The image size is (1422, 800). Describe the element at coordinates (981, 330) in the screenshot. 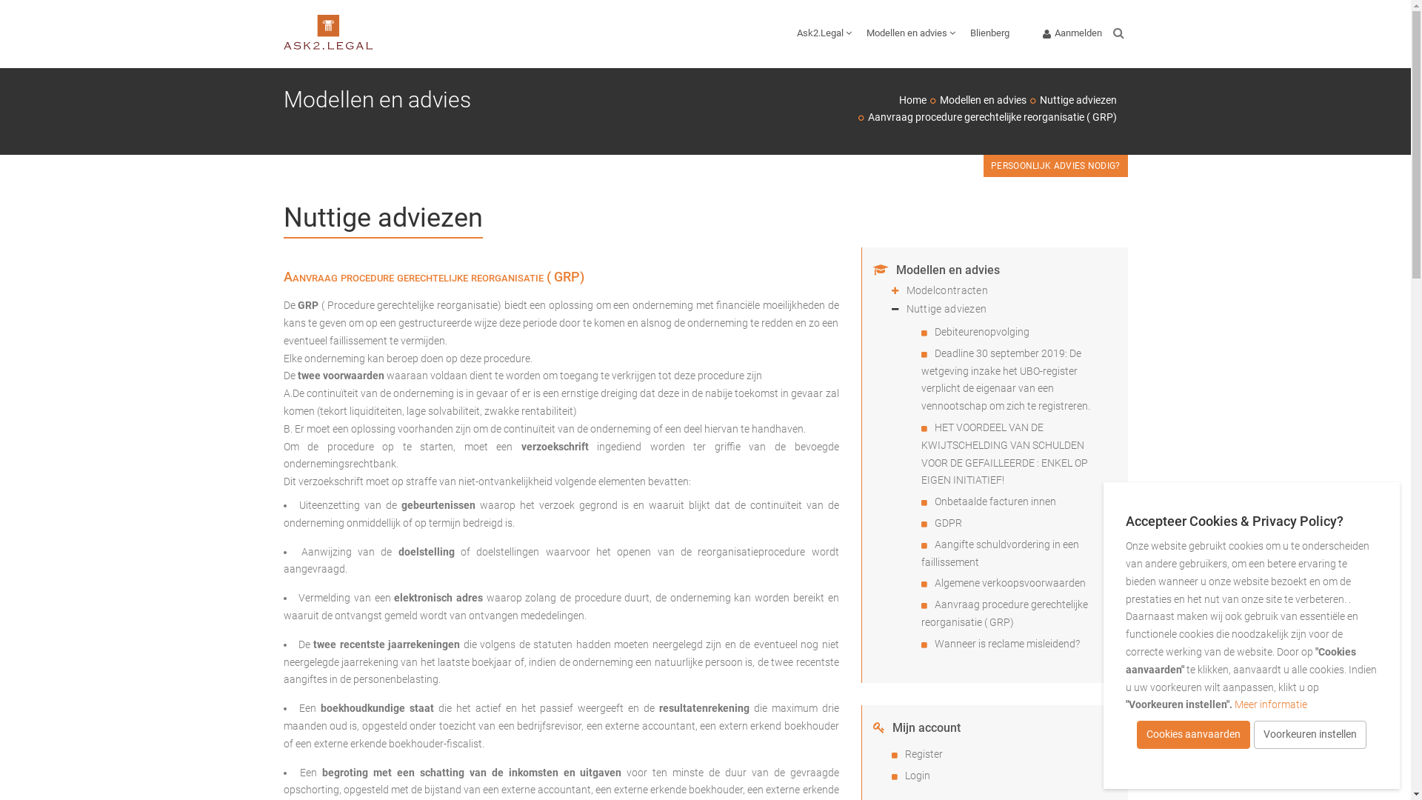

I see `'Debiteurenopvolging'` at that location.